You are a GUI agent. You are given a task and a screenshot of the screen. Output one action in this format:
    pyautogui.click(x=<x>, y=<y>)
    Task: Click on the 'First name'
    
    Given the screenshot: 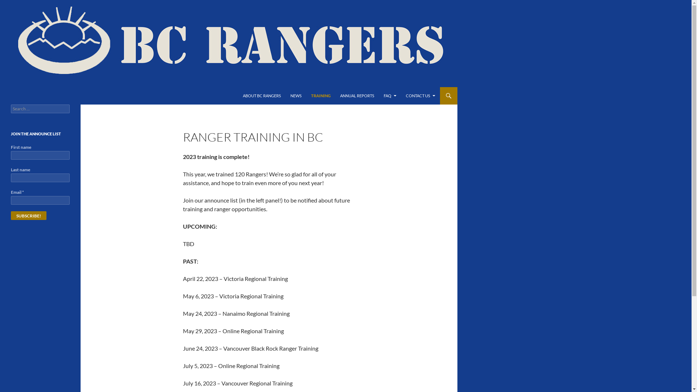 What is the action you would take?
    pyautogui.click(x=40, y=155)
    